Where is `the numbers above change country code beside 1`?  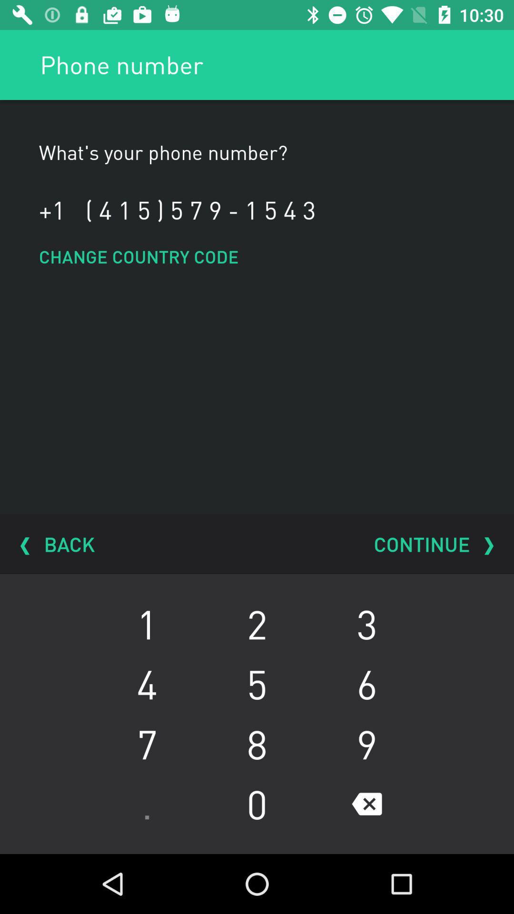 the numbers above change country code beside 1 is located at coordinates (200, 209).